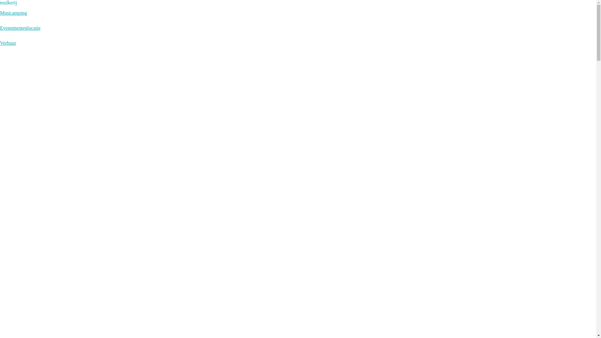 This screenshot has height=338, width=601. What do you see at coordinates (20, 28) in the screenshot?
I see `'Evenementenlocatie'` at bounding box center [20, 28].